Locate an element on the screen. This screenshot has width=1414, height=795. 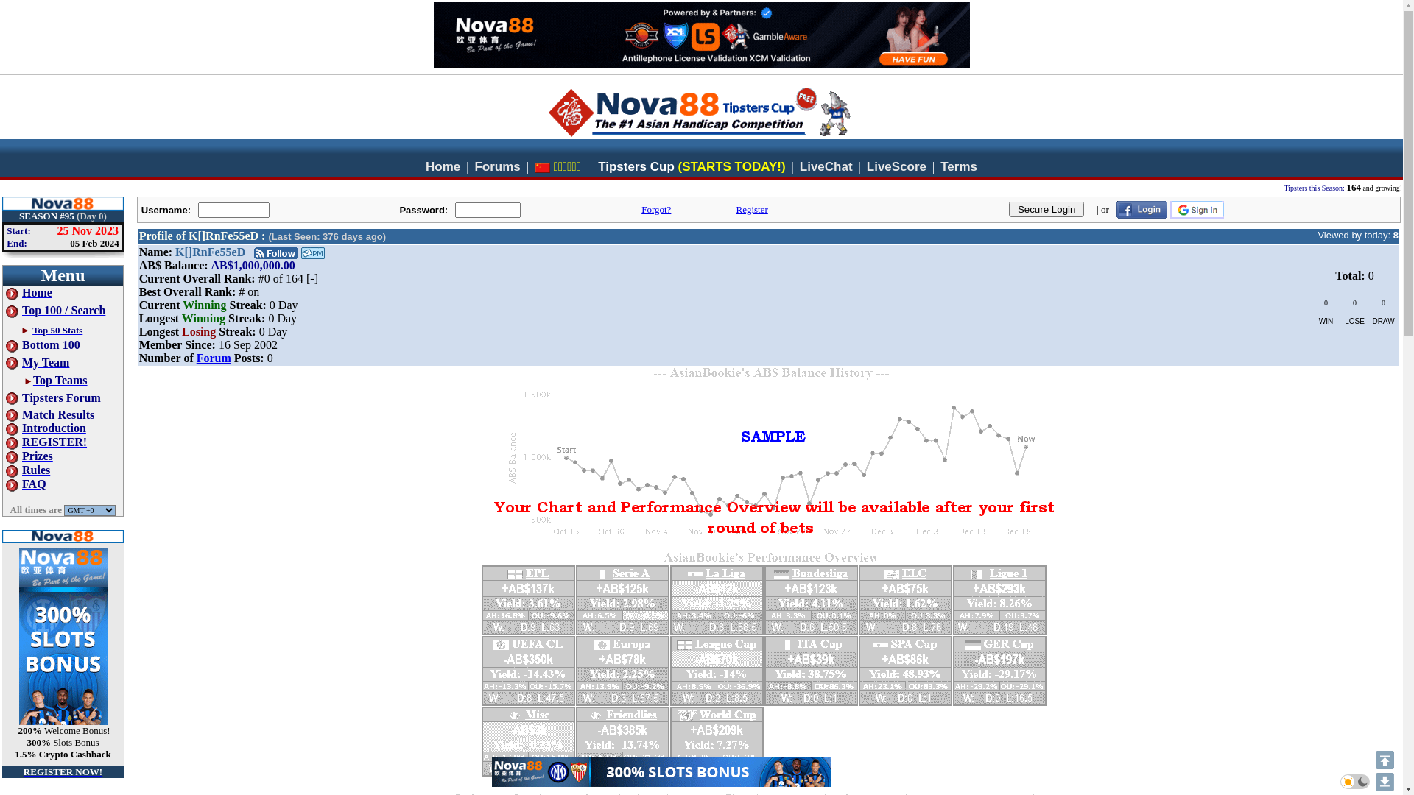
'Top 100 / Search' is located at coordinates (55, 309).